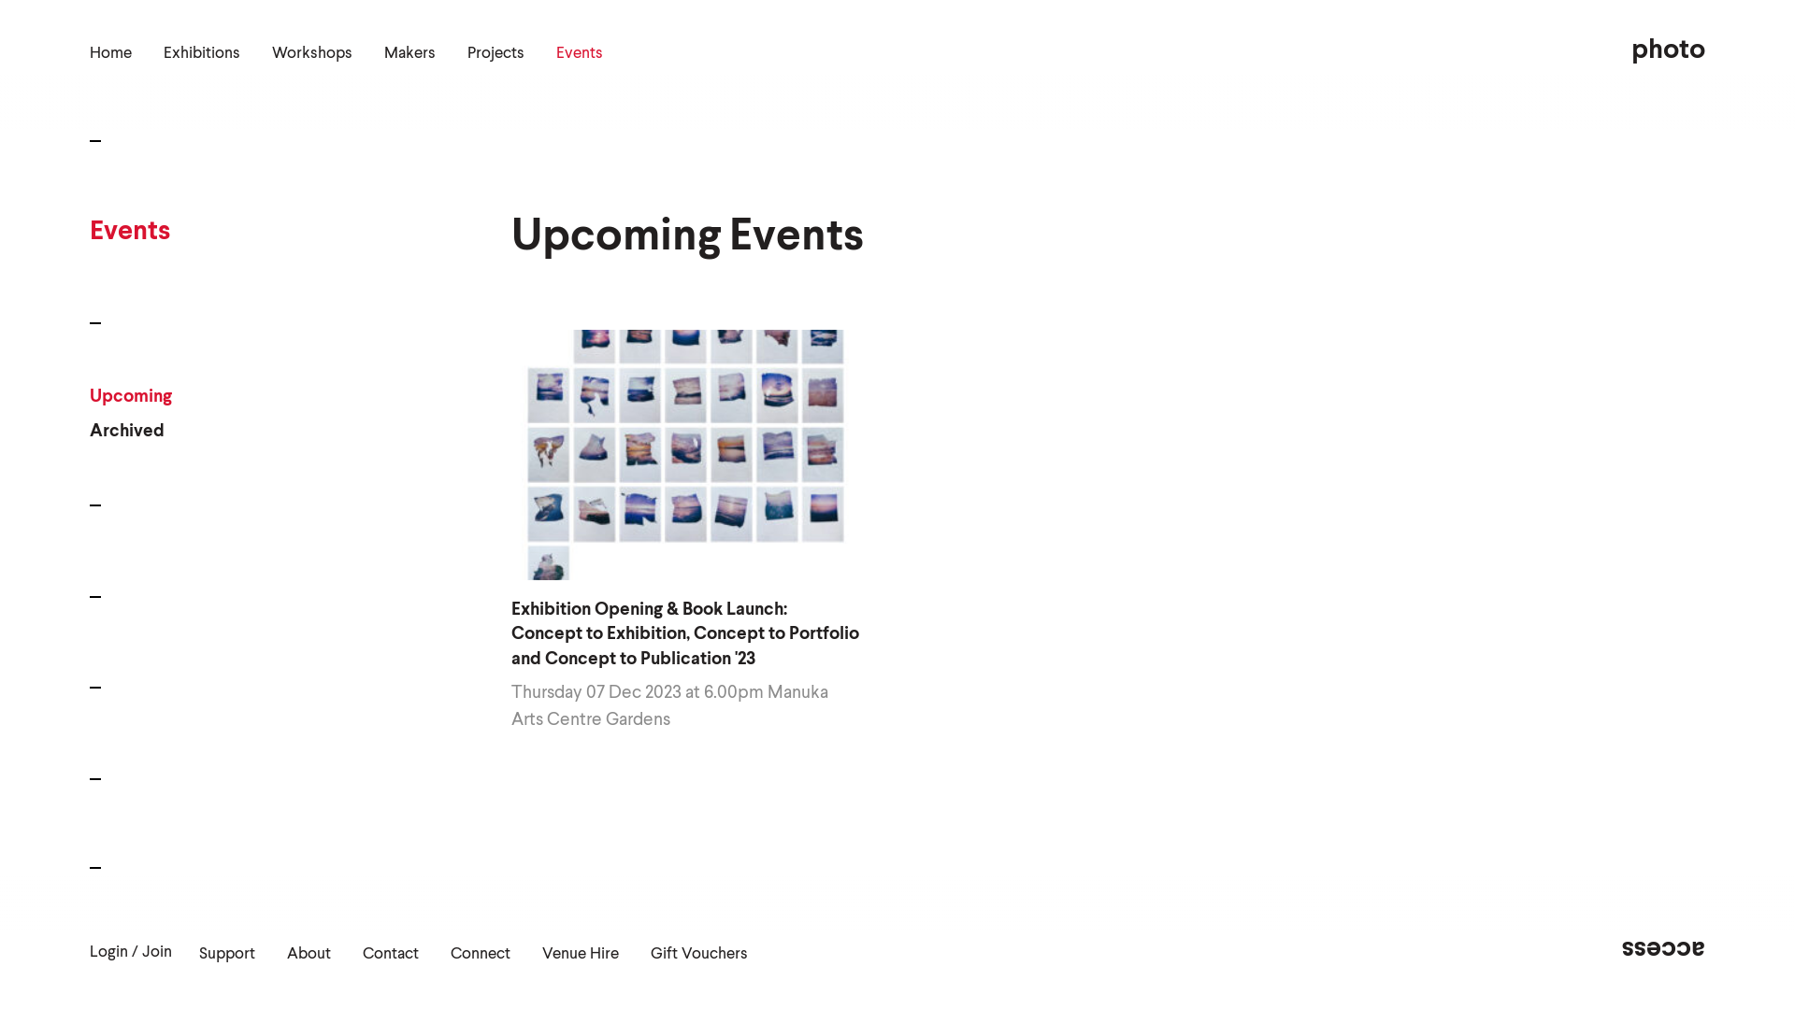  I want to click on 'Support', so click(226, 954).